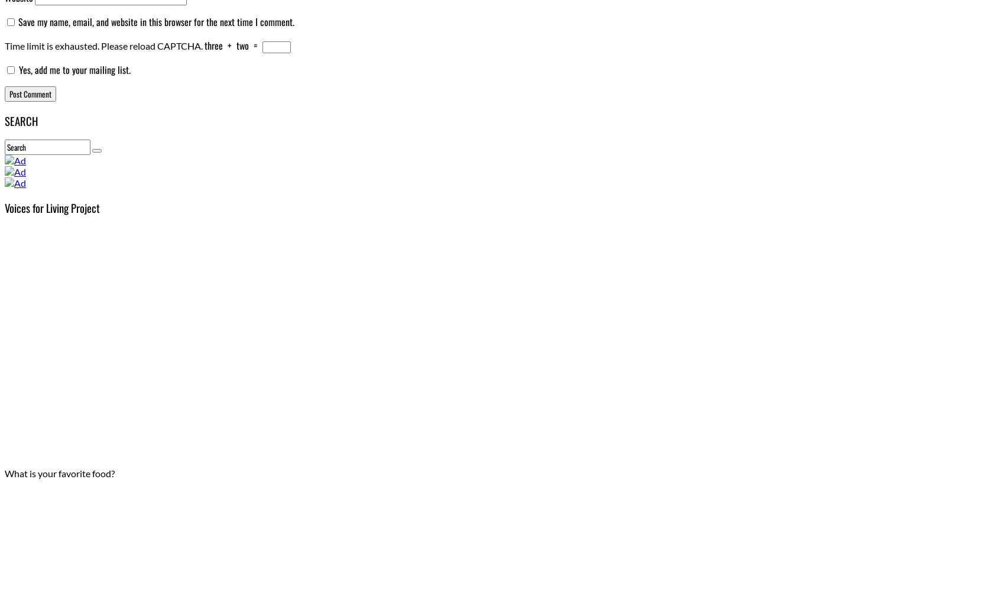 The width and height of the screenshot is (1005, 615). Describe the element at coordinates (156, 21) in the screenshot. I see `'Save my name, email, and website in this browser for the next time I comment.'` at that location.